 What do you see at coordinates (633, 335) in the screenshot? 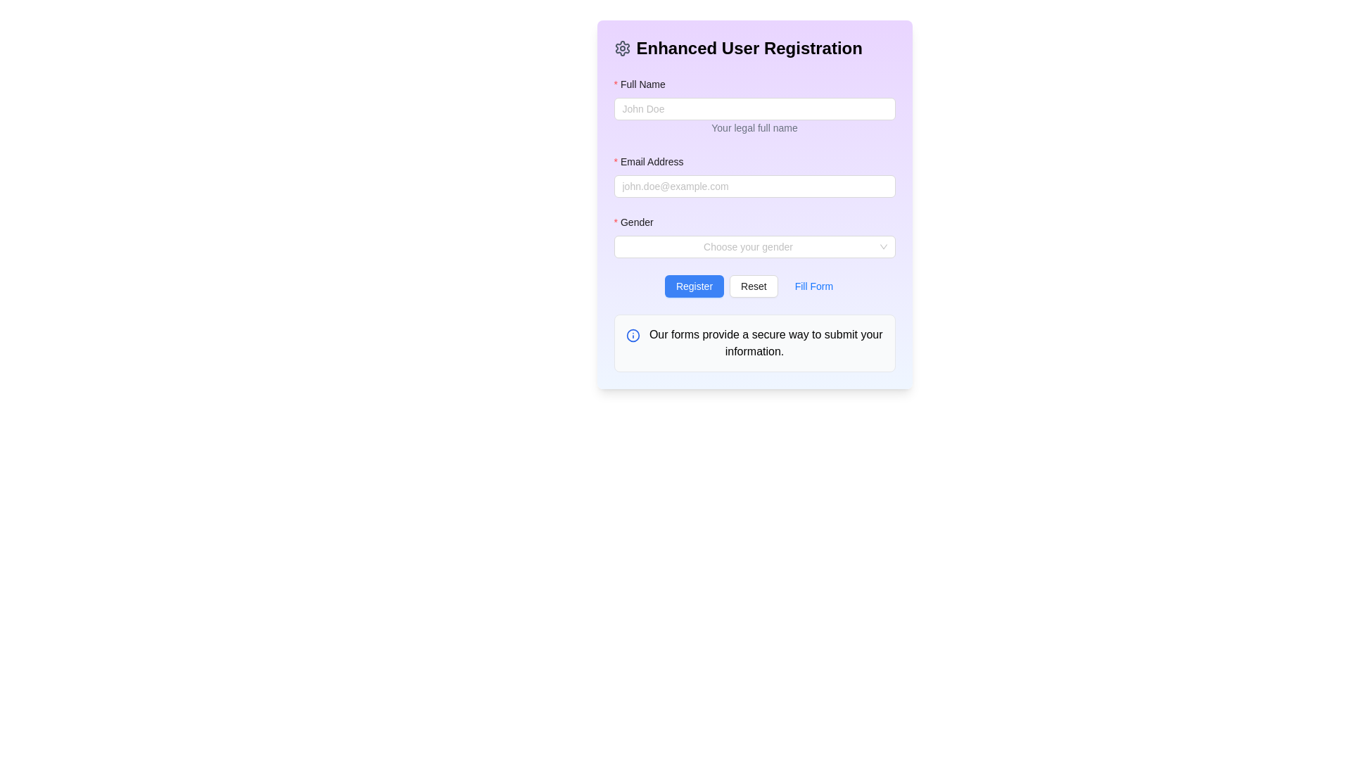
I see `the information indicator icon located at the bottom section of the card, to the left of the text 'Our forms provide a secure way to submit your information.'` at bounding box center [633, 335].